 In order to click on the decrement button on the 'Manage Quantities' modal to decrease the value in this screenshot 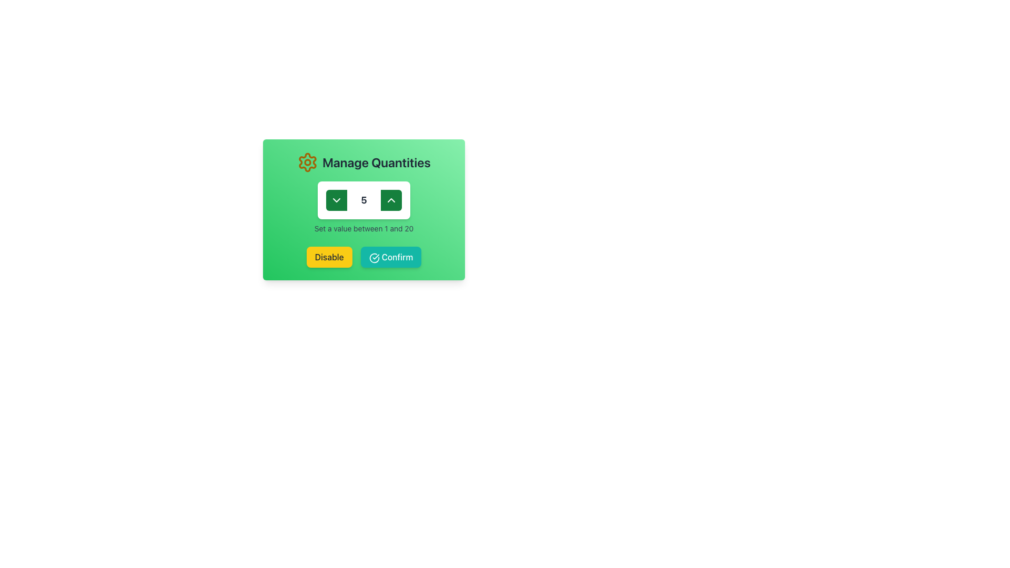, I will do `click(363, 209)`.